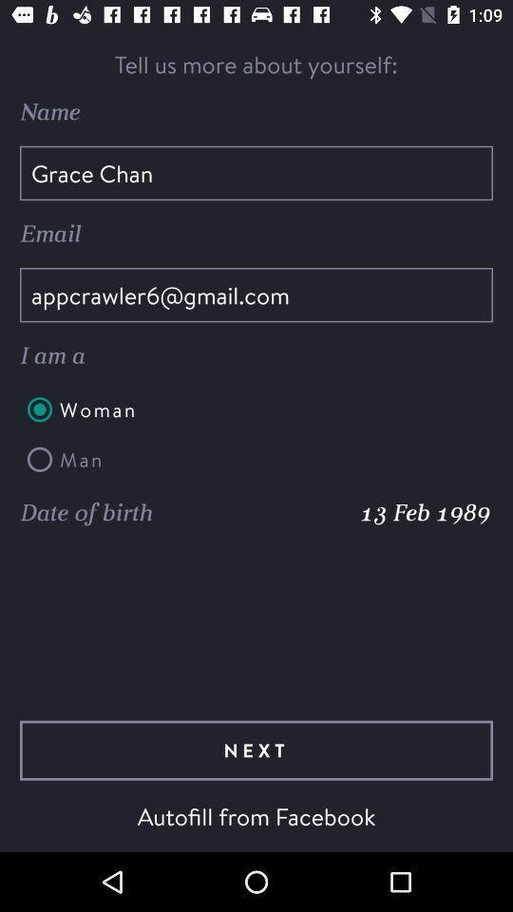 This screenshot has width=513, height=912. I want to click on the grace chan, so click(256, 173).